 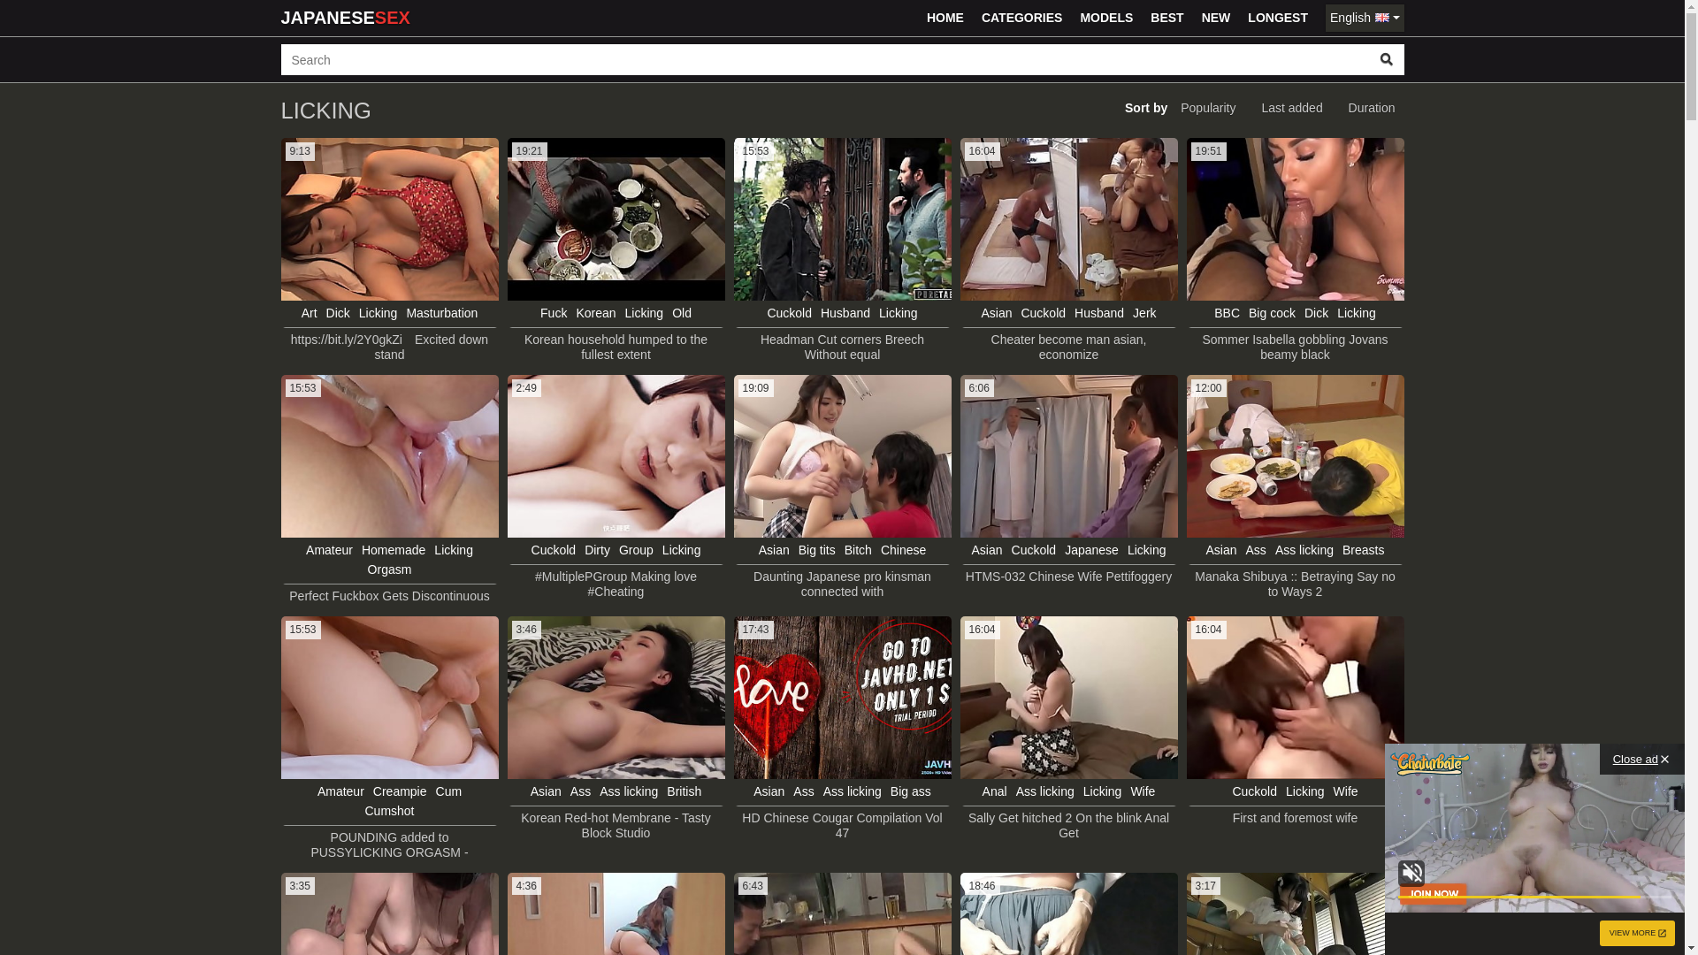 What do you see at coordinates (338, 312) in the screenshot?
I see `'Dick'` at bounding box center [338, 312].